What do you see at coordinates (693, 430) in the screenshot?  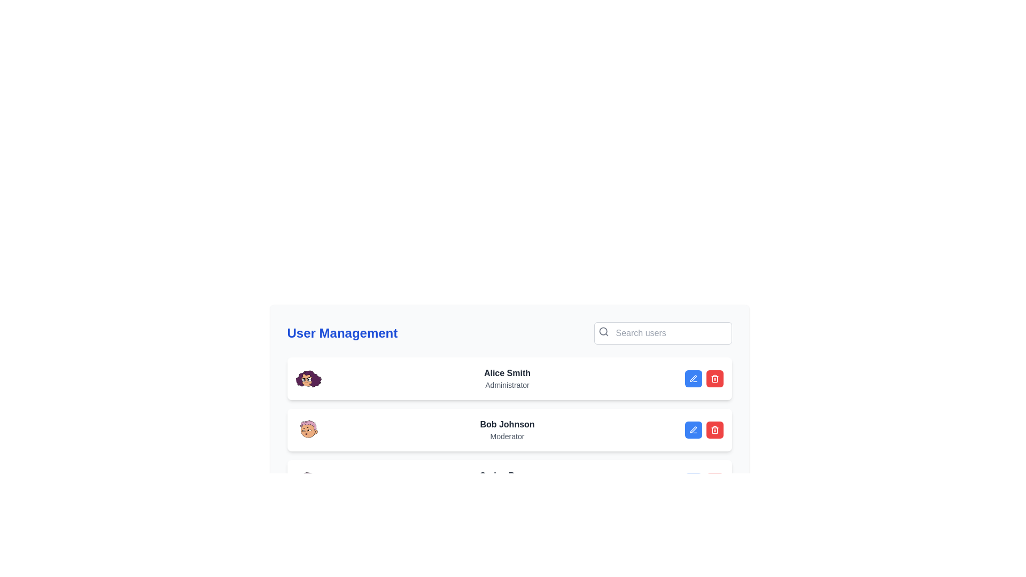 I see `the blue square button with a pen icon associated with 'Bob Johnson, Moderator'` at bounding box center [693, 430].